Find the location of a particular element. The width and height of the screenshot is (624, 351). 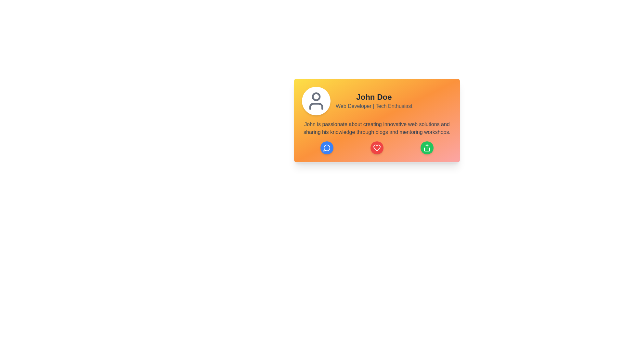

the user profile SVG graphic icon that resembles a torso and head, located within a circular frame to the left side of the card, above the name 'John Doe' is located at coordinates (316, 106).